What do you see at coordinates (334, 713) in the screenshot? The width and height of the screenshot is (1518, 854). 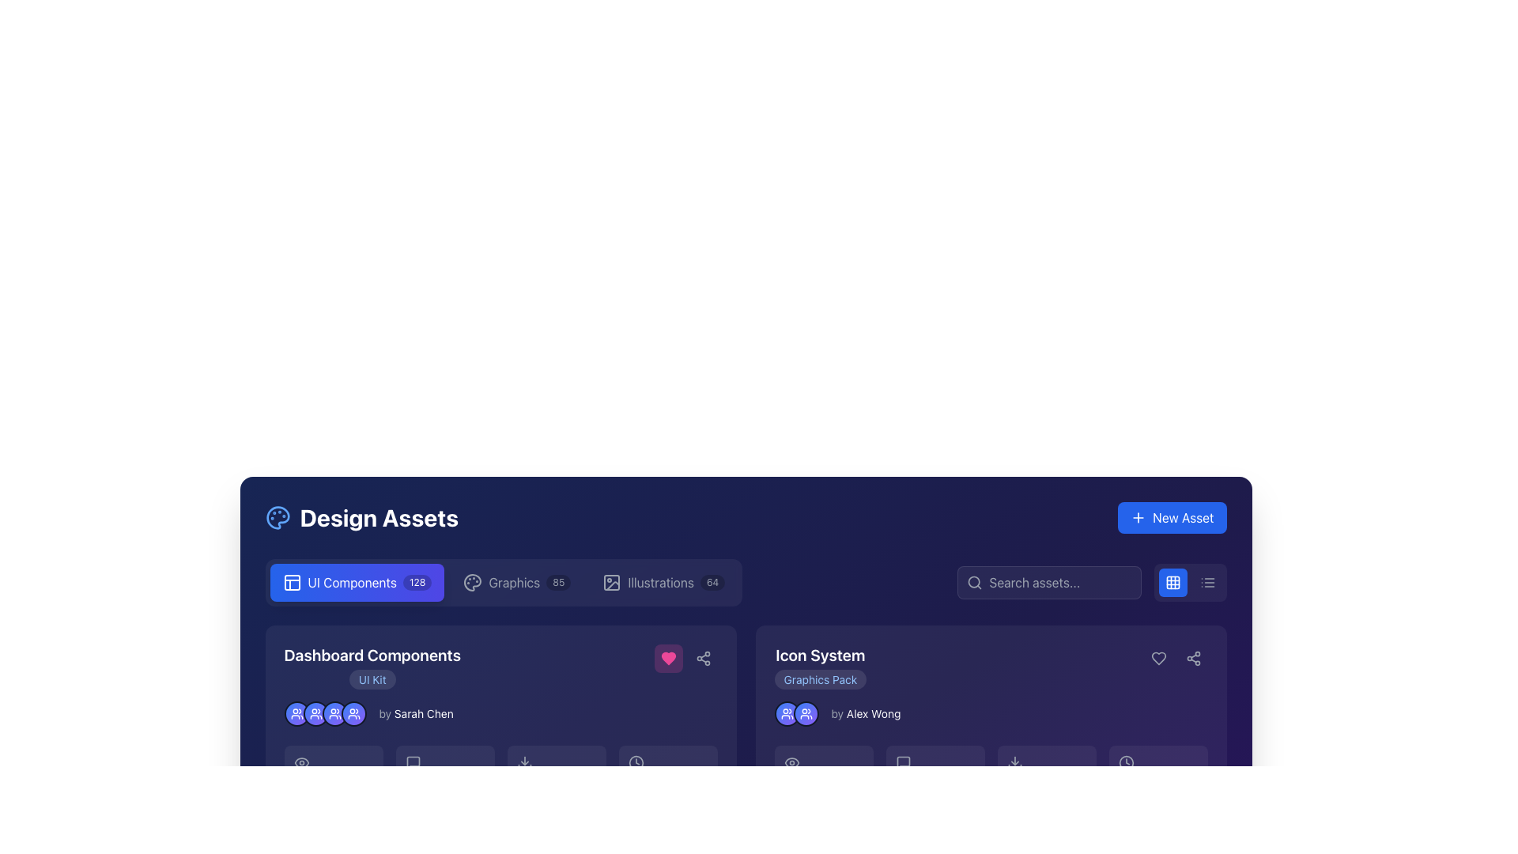 I see `the Avatar component representing a user profile or group affiliation, which is the fourth from the left in a series of circular avatars` at bounding box center [334, 713].